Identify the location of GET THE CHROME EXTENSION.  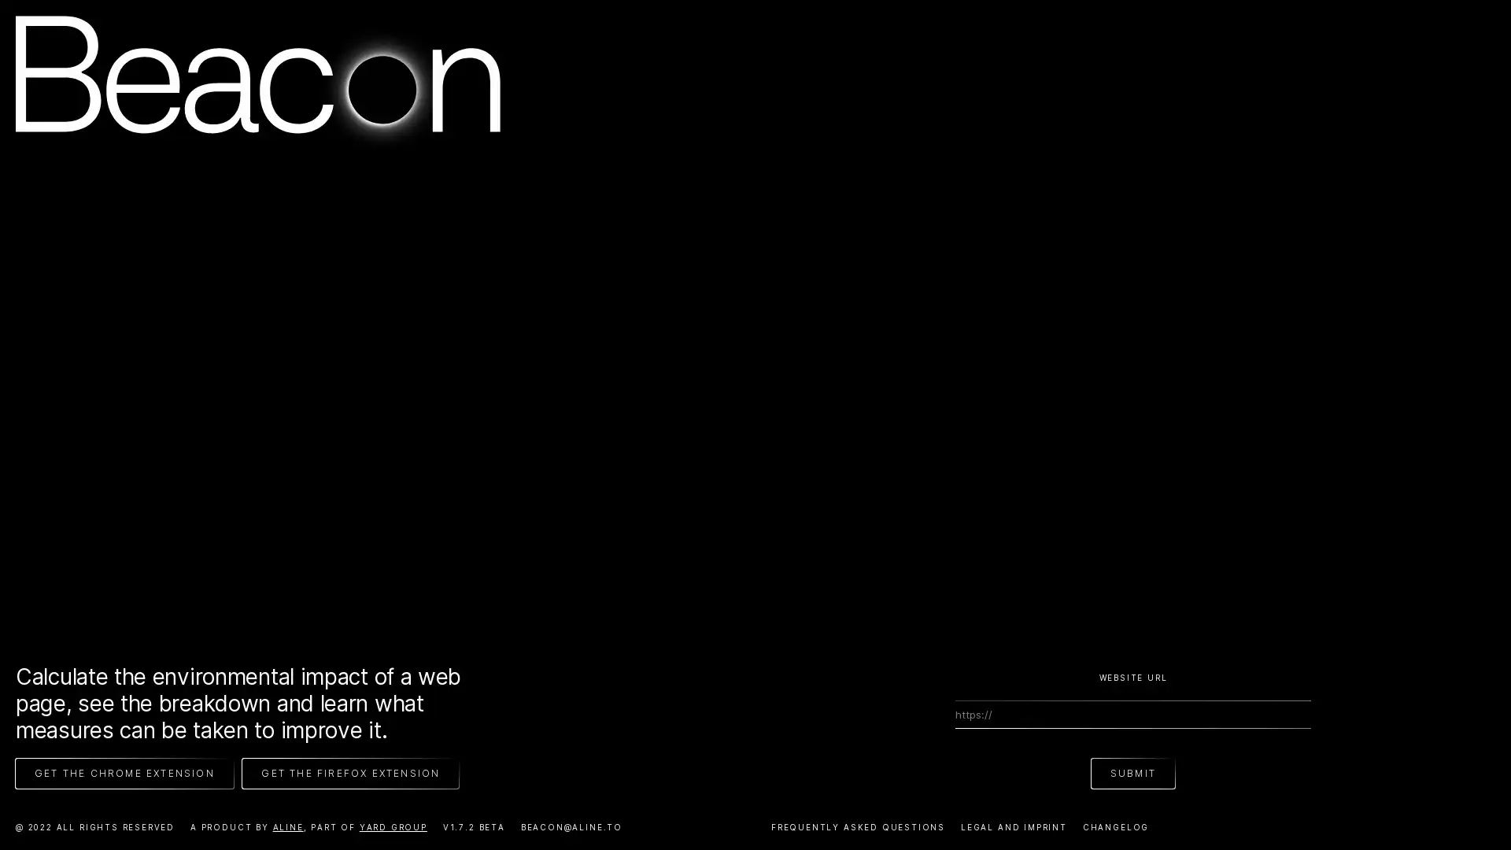
(124, 772).